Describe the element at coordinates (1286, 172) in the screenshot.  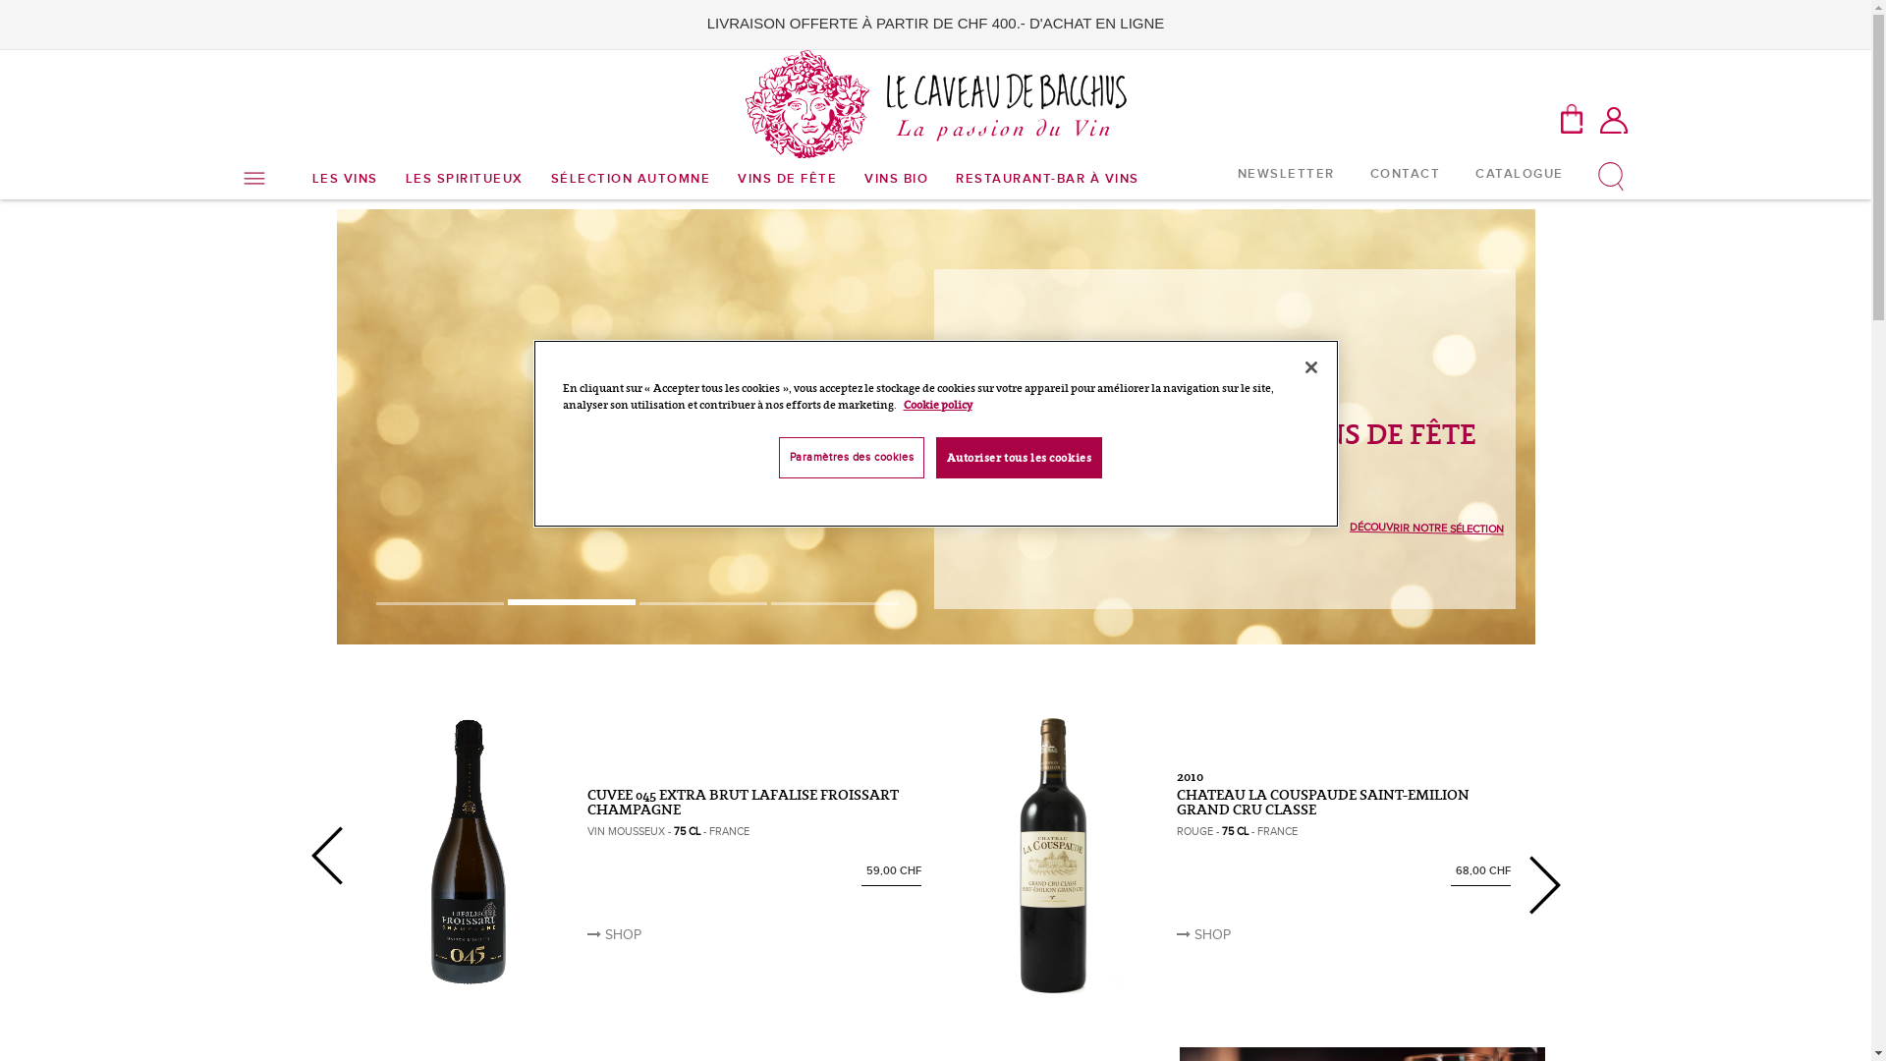
I see `'NEWSLETTER'` at that location.